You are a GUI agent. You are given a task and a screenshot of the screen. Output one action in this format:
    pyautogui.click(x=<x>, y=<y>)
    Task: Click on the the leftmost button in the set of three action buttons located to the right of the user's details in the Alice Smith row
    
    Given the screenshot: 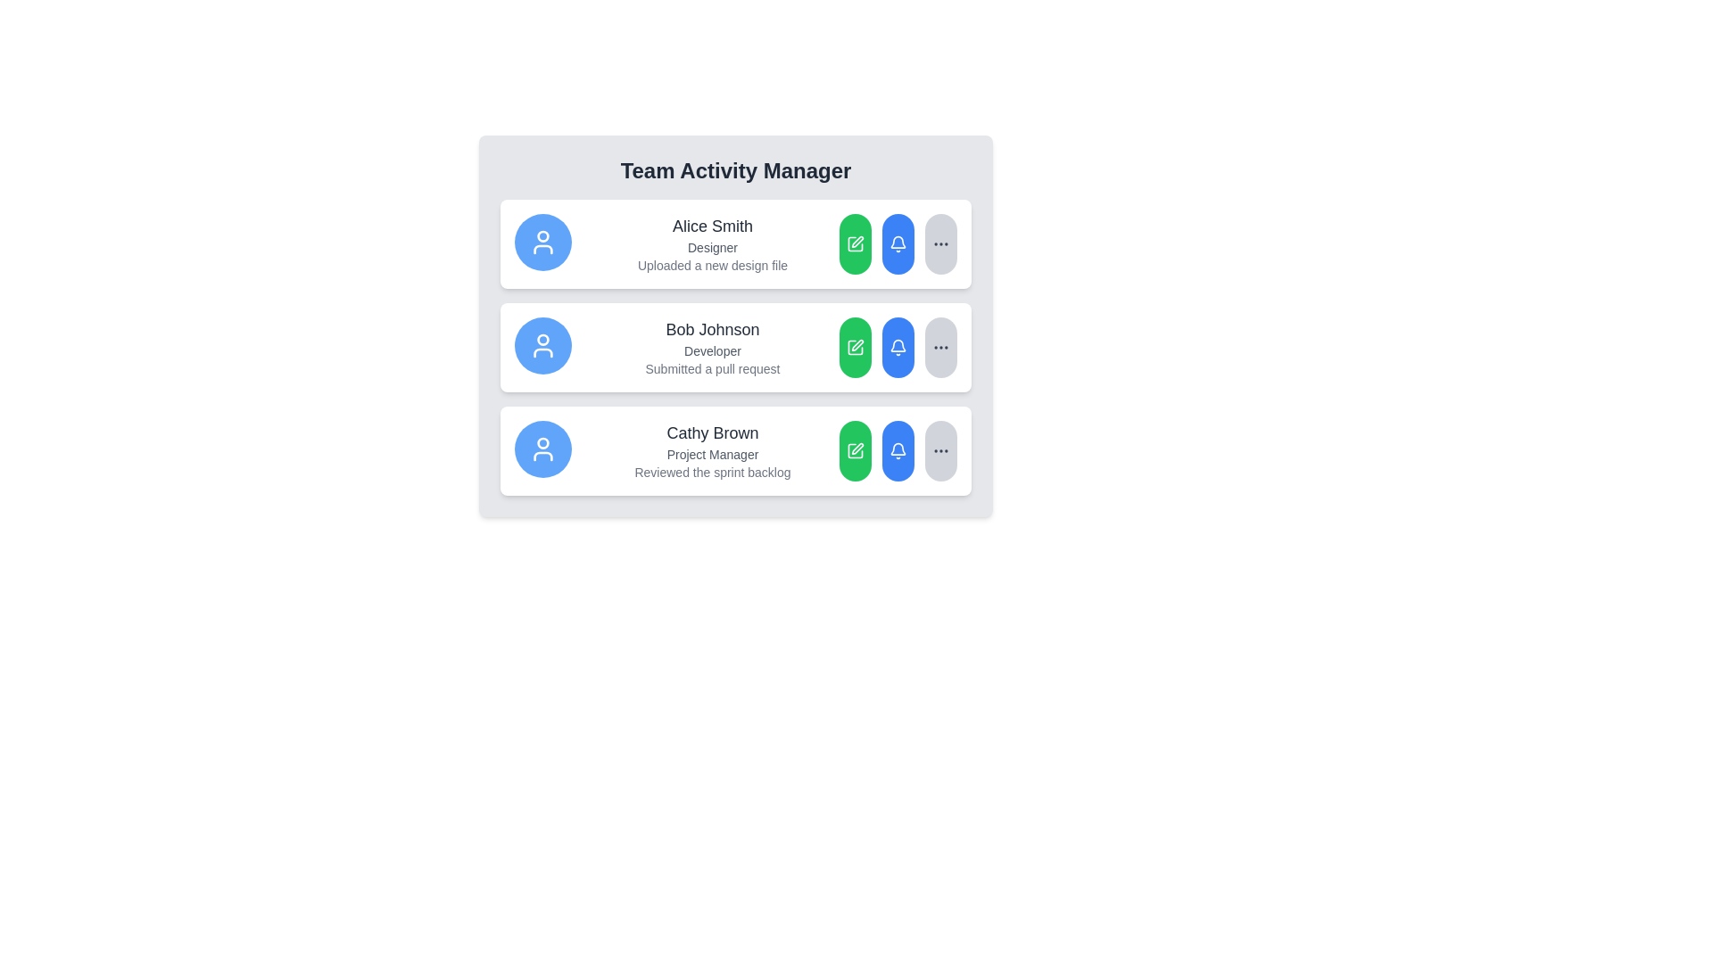 What is the action you would take?
    pyautogui.click(x=855, y=243)
    